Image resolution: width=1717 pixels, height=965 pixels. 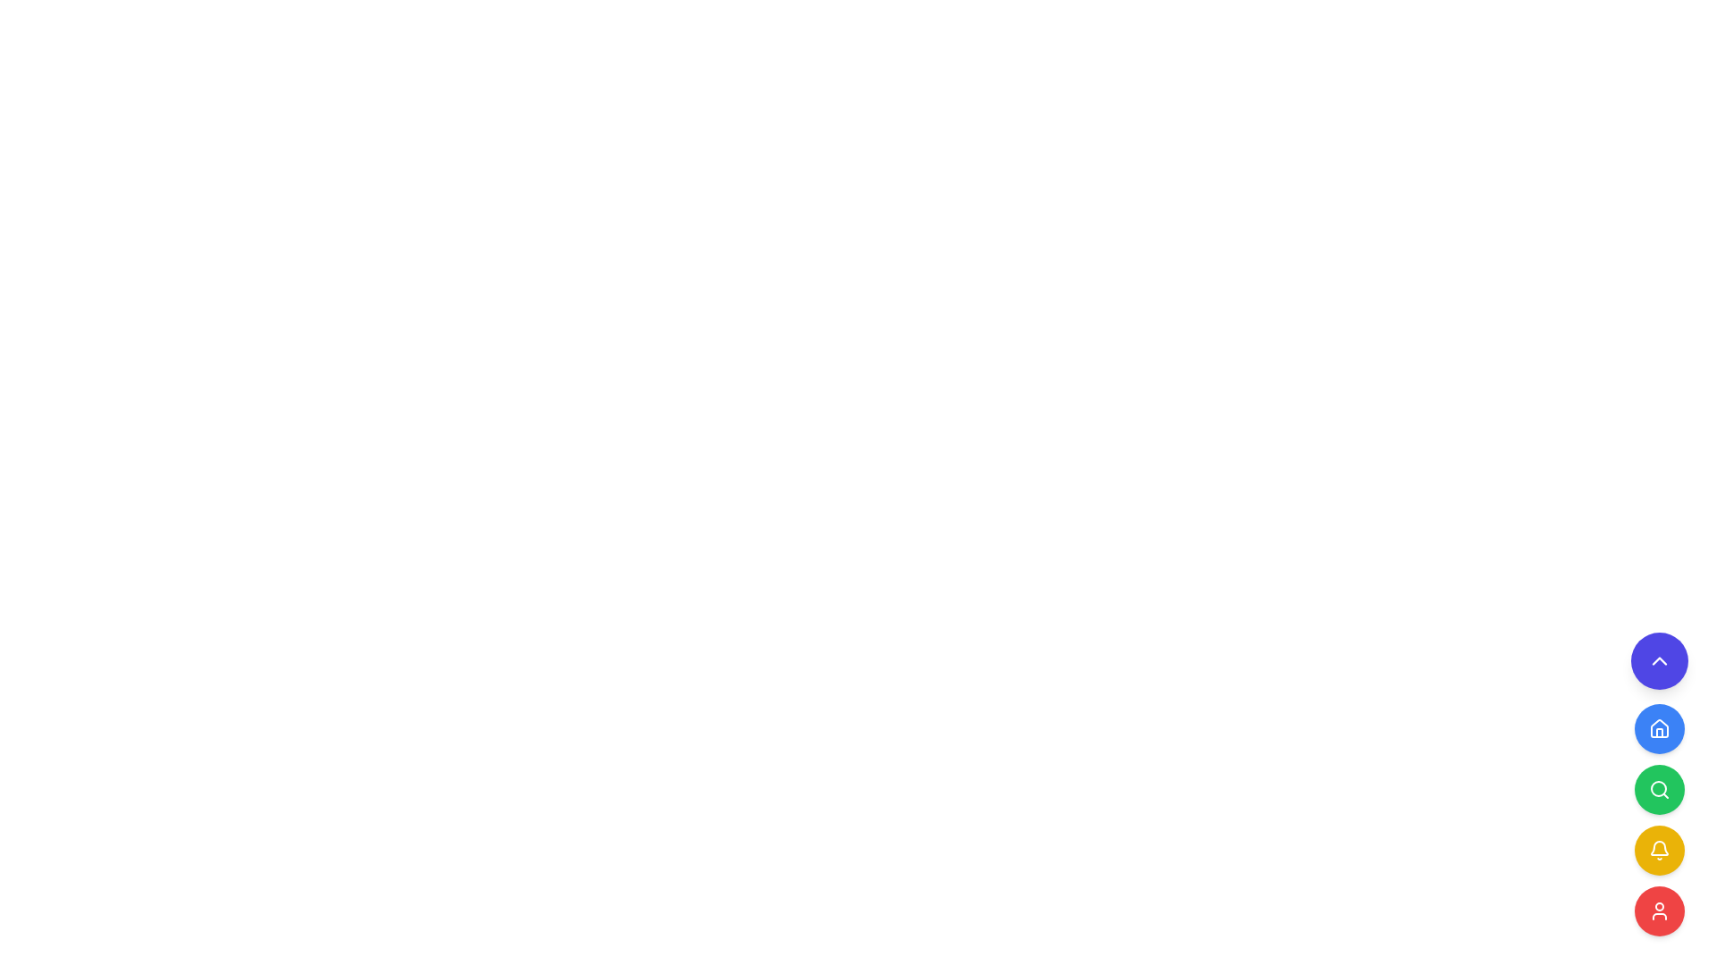 What do you see at coordinates (1659, 729) in the screenshot?
I see `the navigation icon button located in the vertical navigation bar on the far right side, positioned below the purple upward arrow icon` at bounding box center [1659, 729].